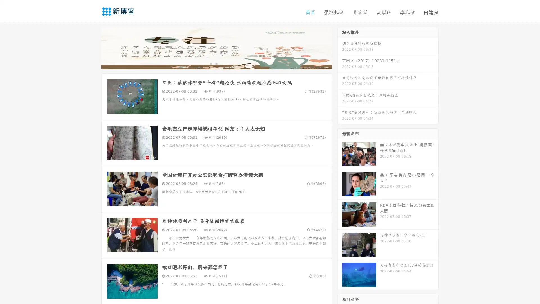 Image resolution: width=540 pixels, height=304 pixels. I want to click on Go to slide 2, so click(216, 63).